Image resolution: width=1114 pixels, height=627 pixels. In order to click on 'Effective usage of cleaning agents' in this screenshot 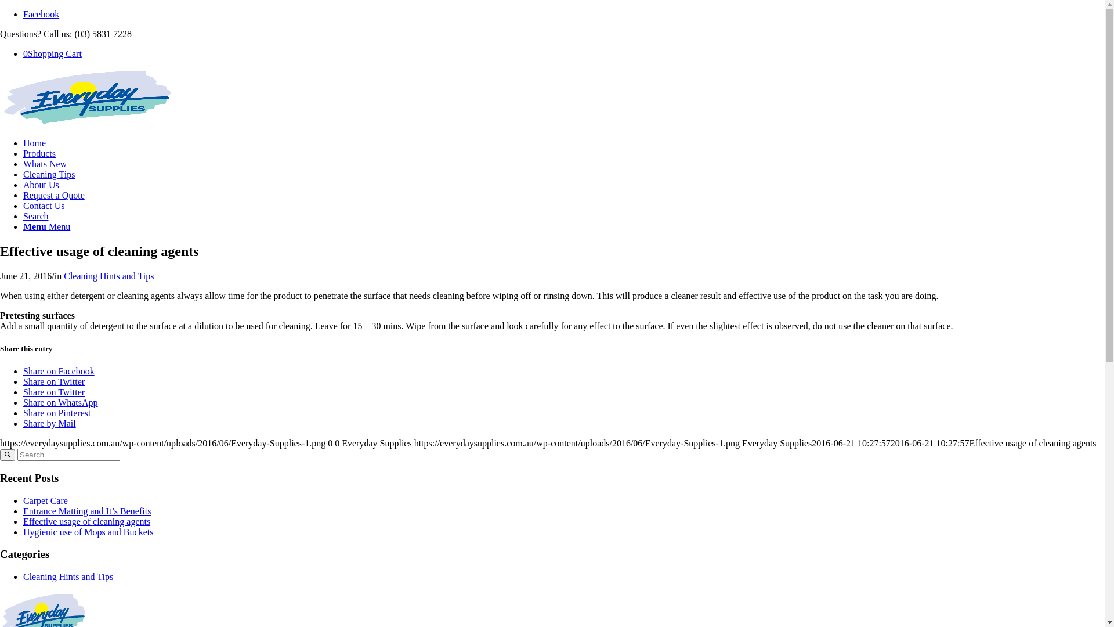, I will do `click(86, 521)`.